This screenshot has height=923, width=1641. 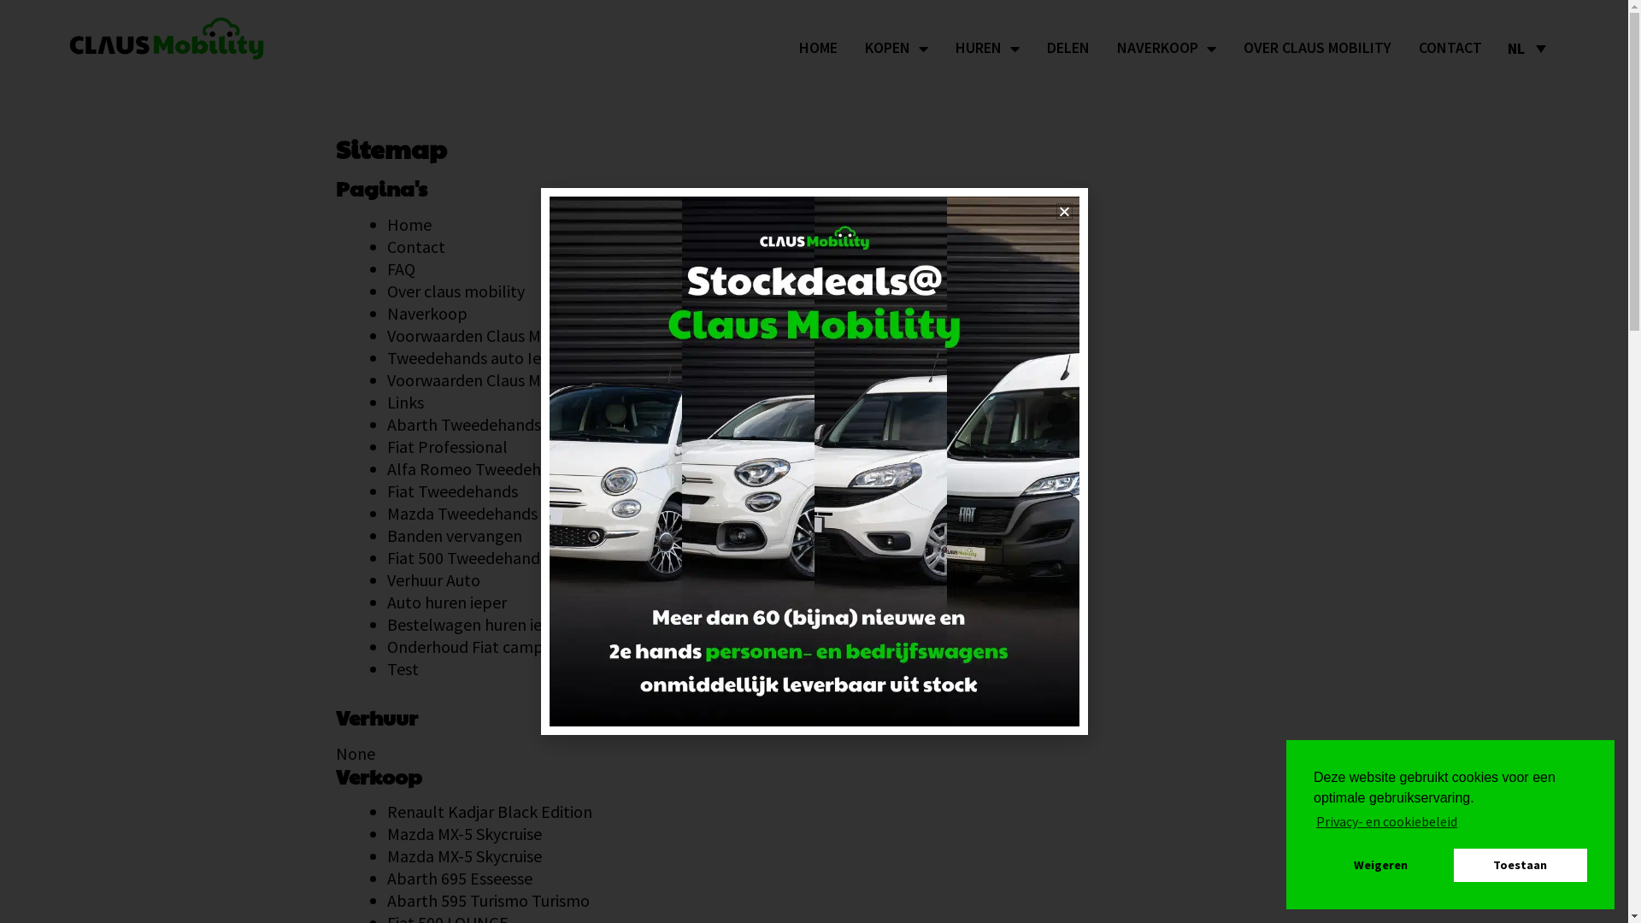 I want to click on 'Bestelwagen huren ieper', so click(x=475, y=624).